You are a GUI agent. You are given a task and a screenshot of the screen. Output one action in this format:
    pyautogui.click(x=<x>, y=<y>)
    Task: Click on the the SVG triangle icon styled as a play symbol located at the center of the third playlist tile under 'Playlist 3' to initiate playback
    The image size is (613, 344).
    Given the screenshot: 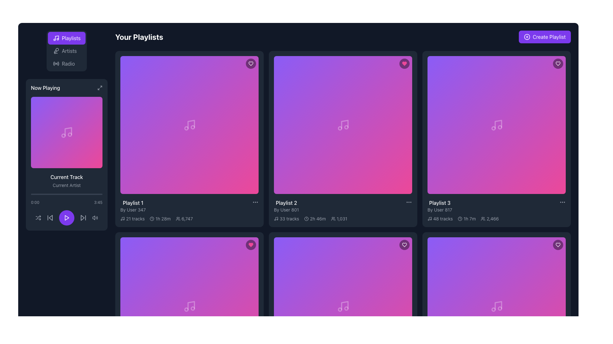 What is the action you would take?
    pyautogui.click(x=496, y=306)
    